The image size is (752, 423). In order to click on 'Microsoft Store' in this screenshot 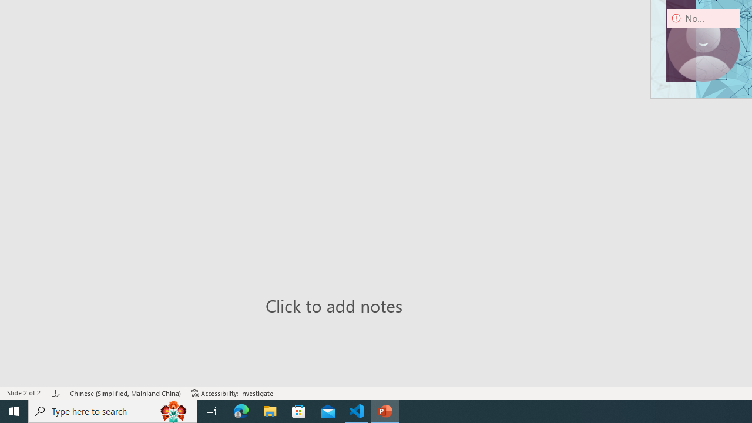, I will do `click(299, 410)`.